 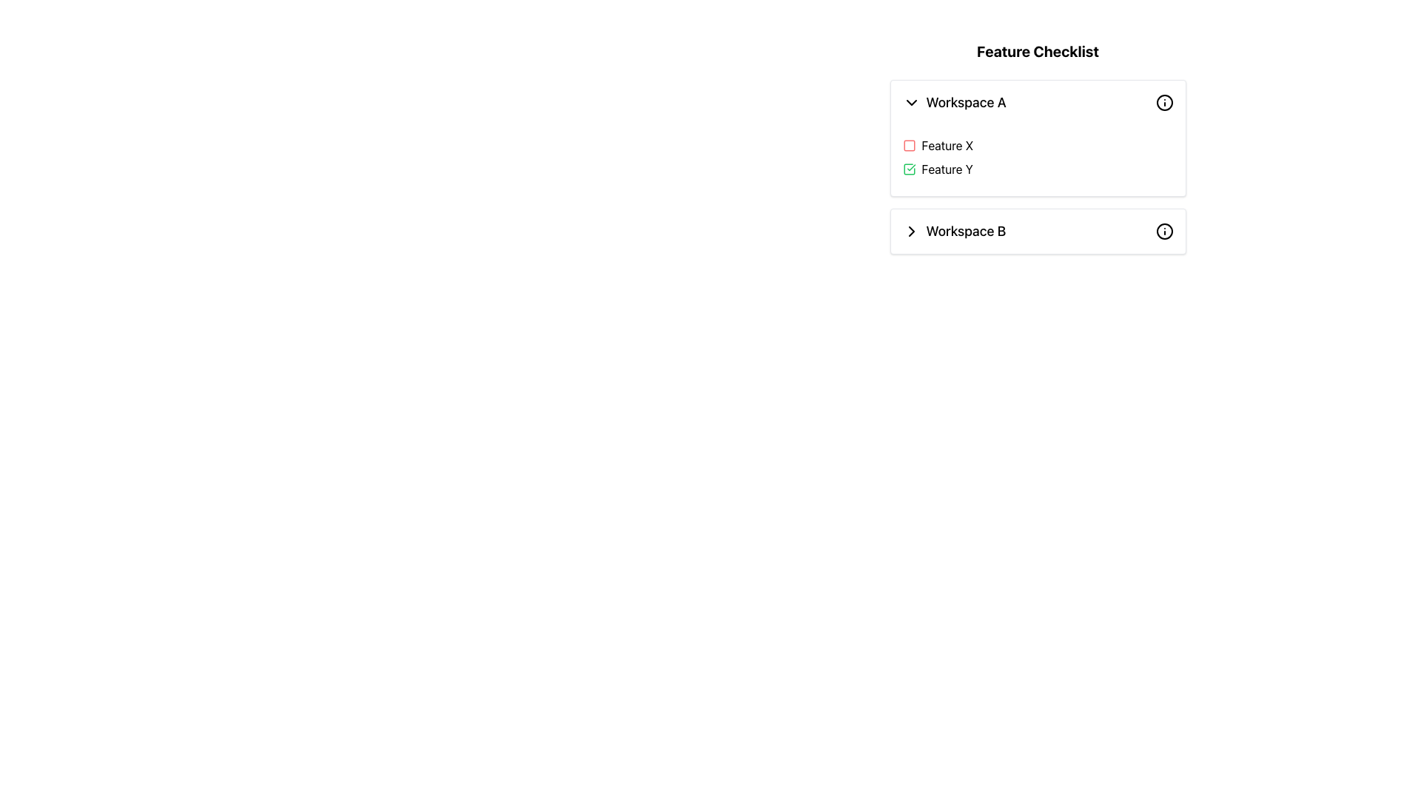 What do you see at coordinates (947, 168) in the screenshot?
I see `the label indicating the name of a feature, located to the right of a green checkmark icon in the 'Feature Checklist' panel under 'Workspace A'` at bounding box center [947, 168].